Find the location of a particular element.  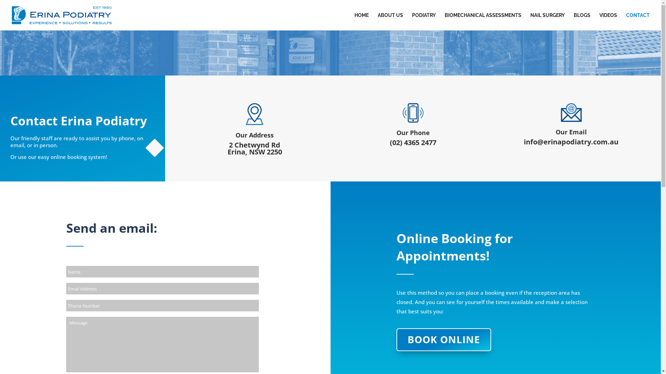

'BLOGS' is located at coordinates (574, 21).